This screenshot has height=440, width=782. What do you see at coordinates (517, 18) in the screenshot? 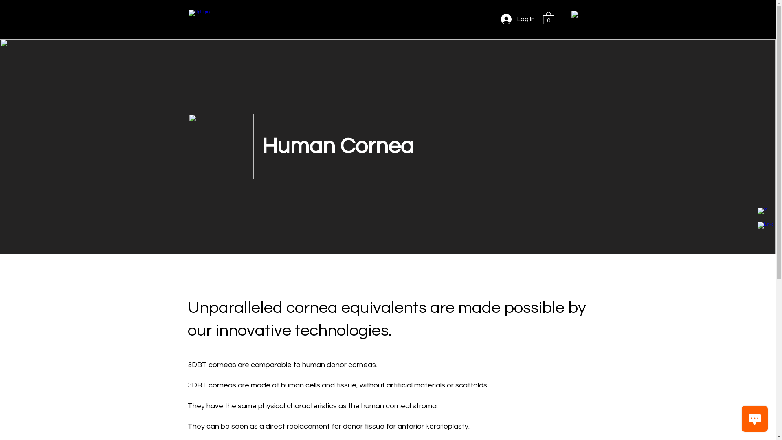
I see `'Log In'` at bounding box center [517, 18].